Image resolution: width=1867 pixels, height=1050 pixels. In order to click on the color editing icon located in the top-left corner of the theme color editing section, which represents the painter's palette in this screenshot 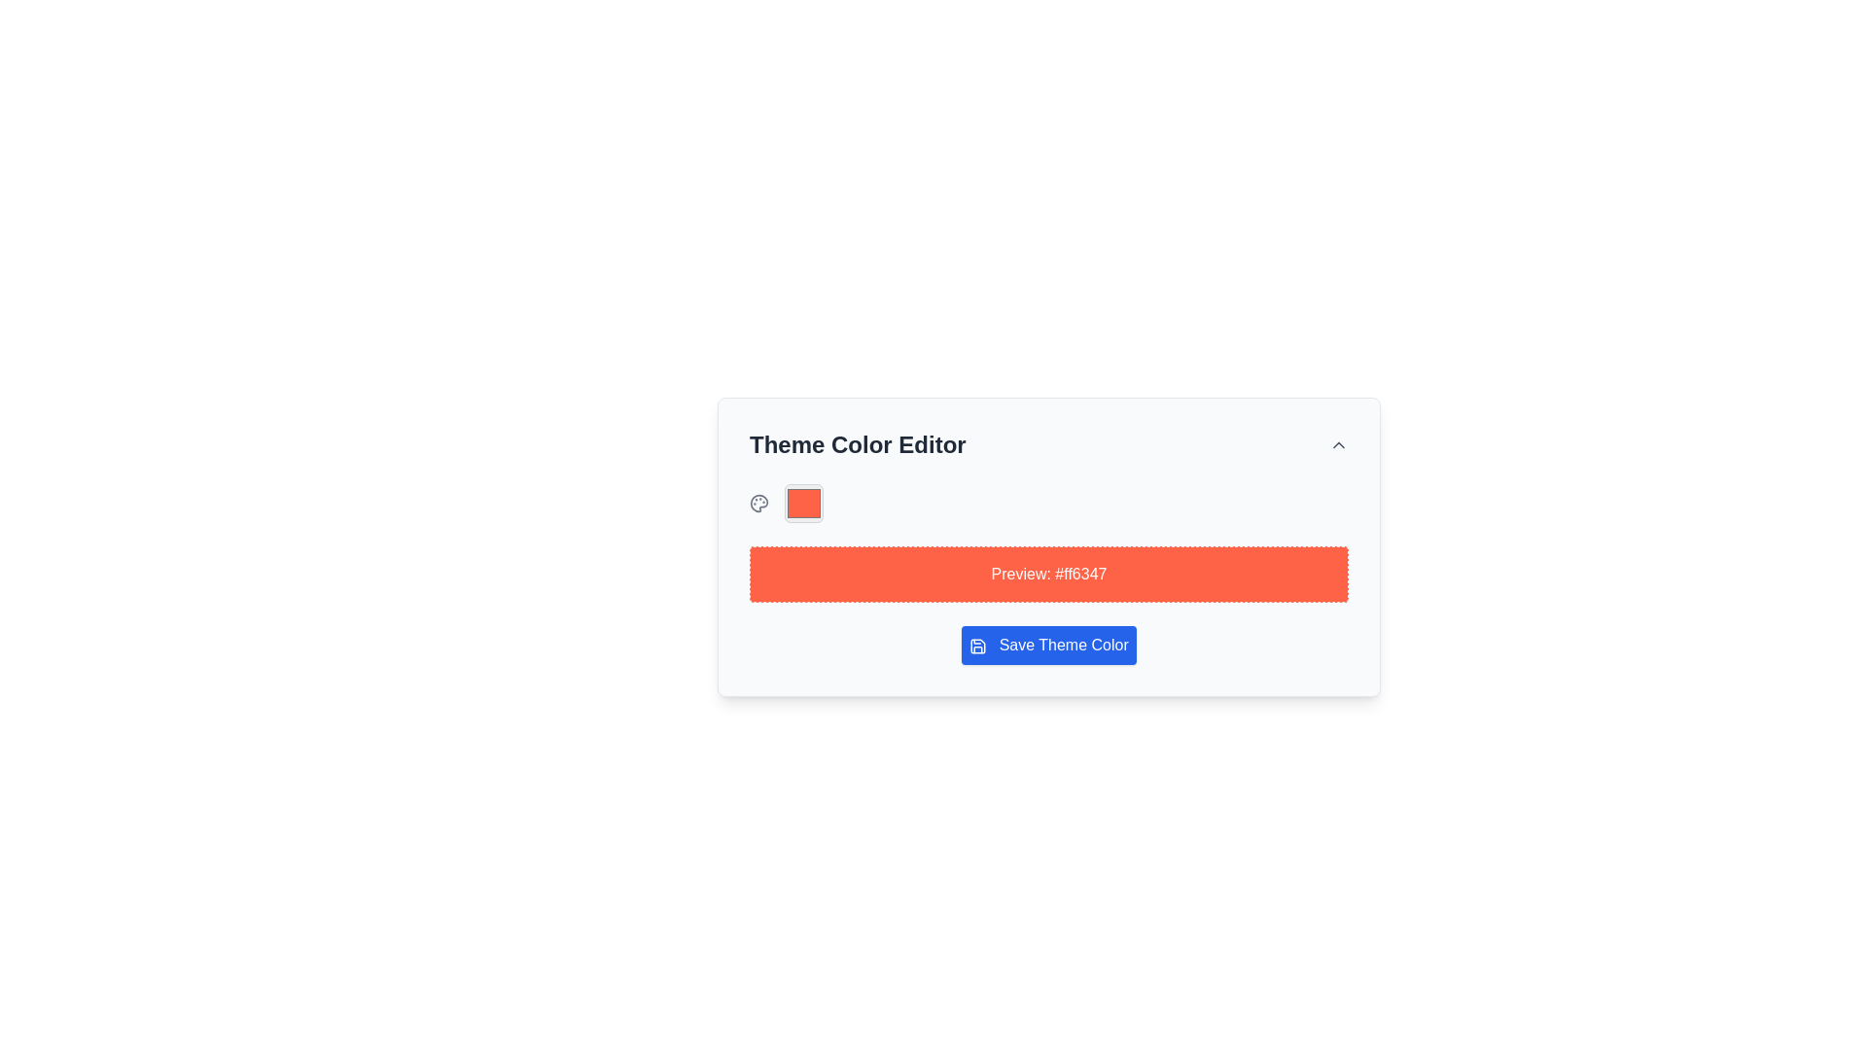, I will do `click(758, 502)`.